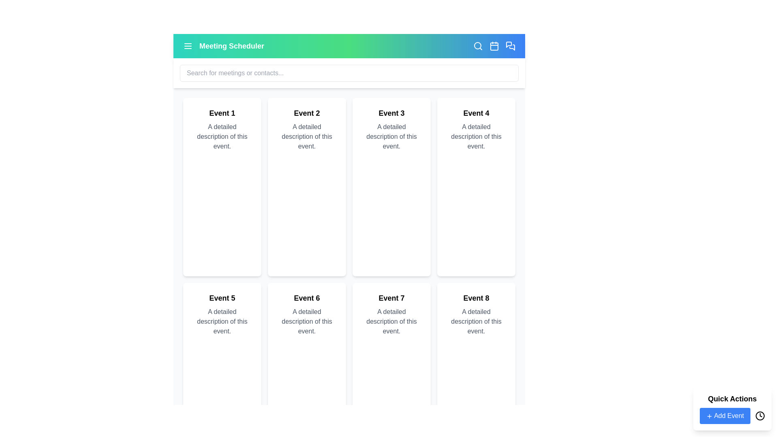  What do you see at coordinates (494, 47) in the screenshot?
I see `the inner rectangle of the calendar icon, which symbolizes the date field and is located at the top-right corner of the interface` at bounding box center [494, 47].